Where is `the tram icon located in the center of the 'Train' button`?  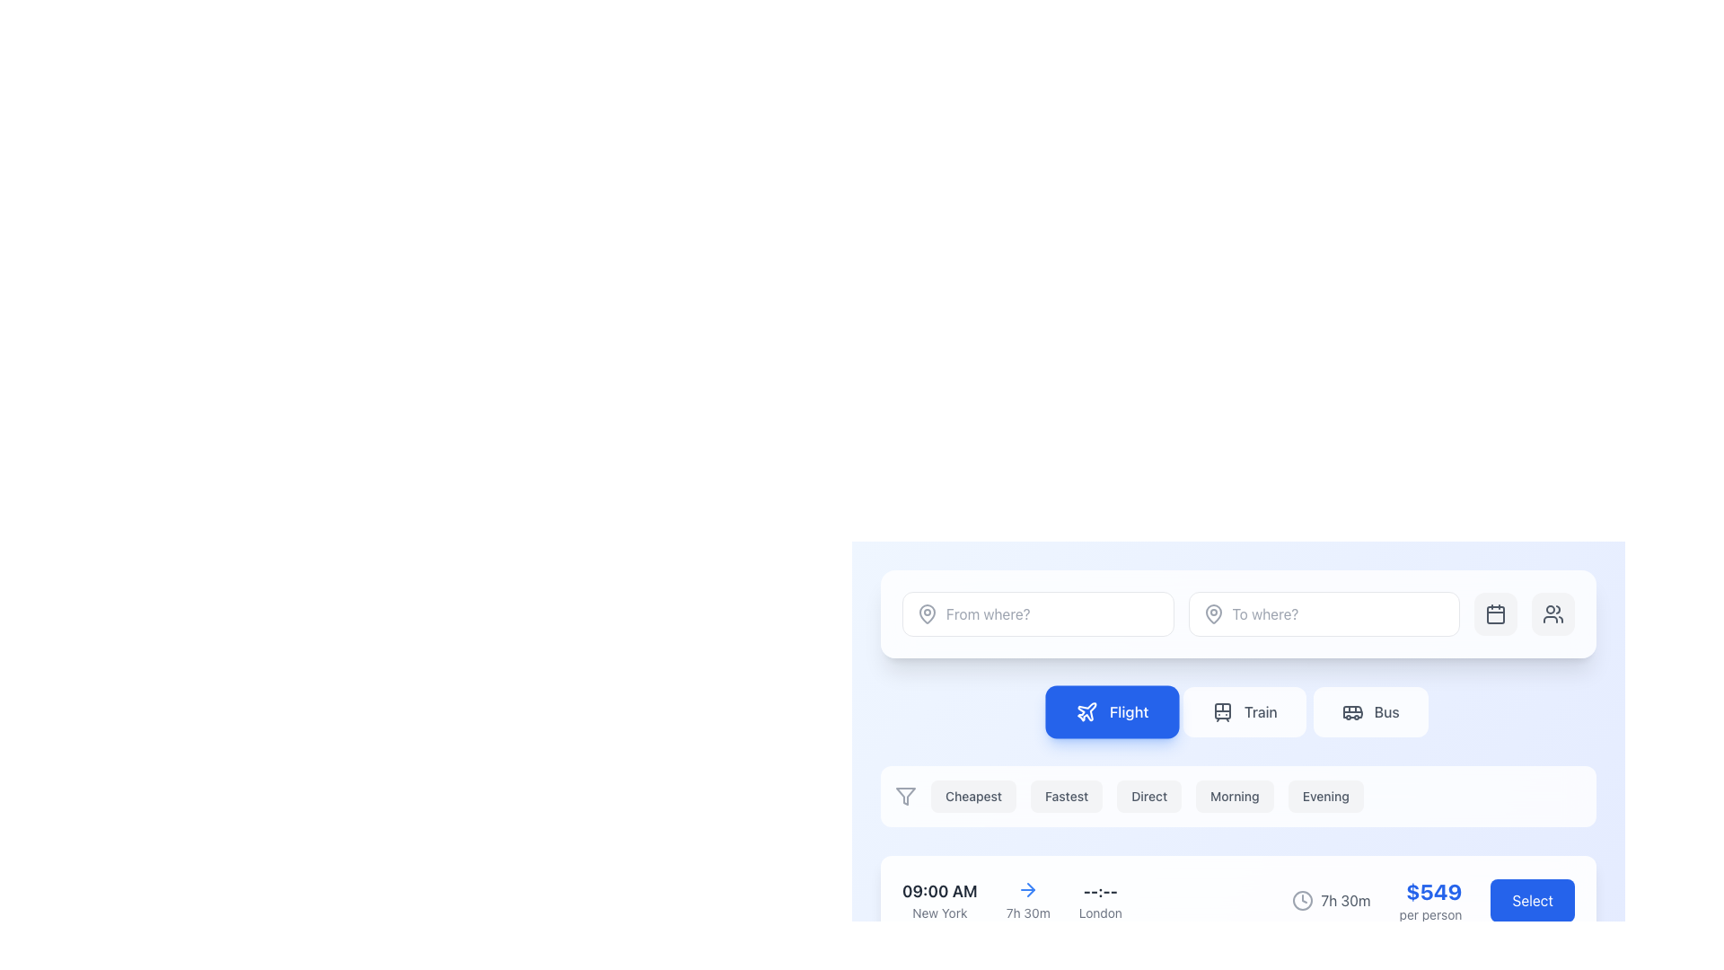
the tram icon located in the center of the 'Train' button is located at coordinates (1221, 711).